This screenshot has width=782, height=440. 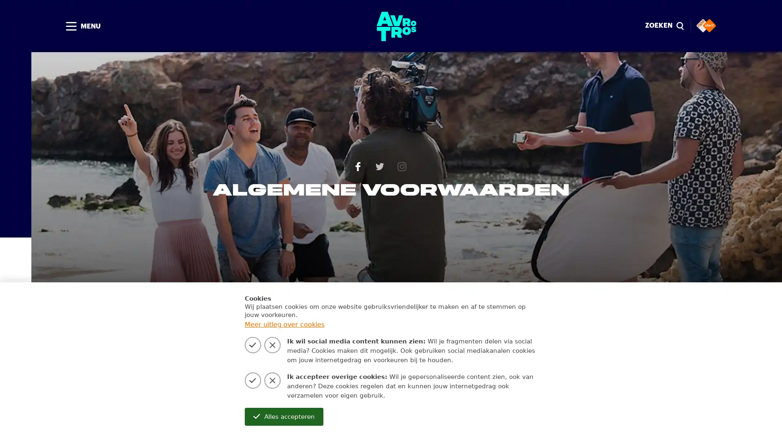 I want to click on Sluiten, so click(x=680, y=26).